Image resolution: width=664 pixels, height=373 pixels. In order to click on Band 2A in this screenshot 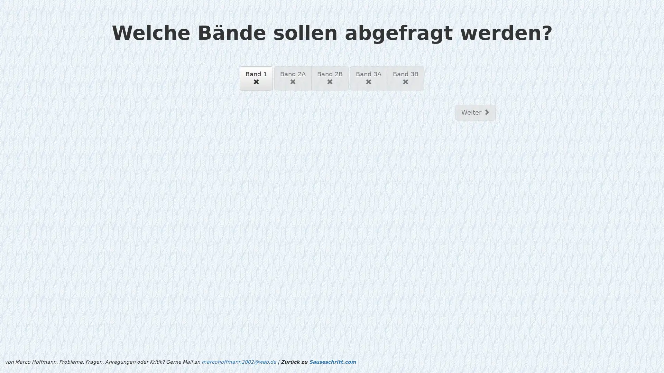, I will do `click(293, 78)`.